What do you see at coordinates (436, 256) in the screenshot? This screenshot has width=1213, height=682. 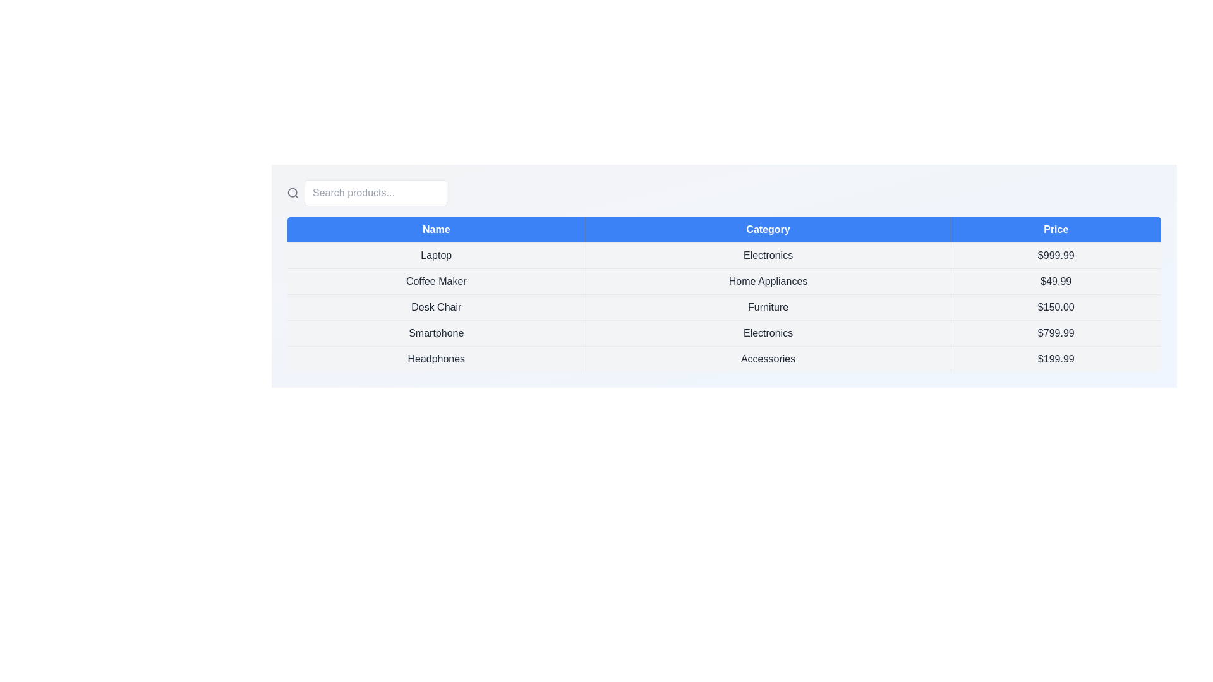 I see `the text 'Laptop'` at bounding box center [436, 256].